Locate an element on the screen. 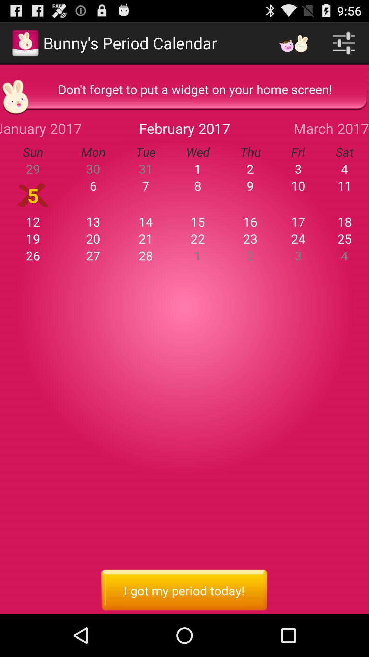 This screenshot has height=657, width=369. app to the right of the 17 item is located at coordinates (344, 222).